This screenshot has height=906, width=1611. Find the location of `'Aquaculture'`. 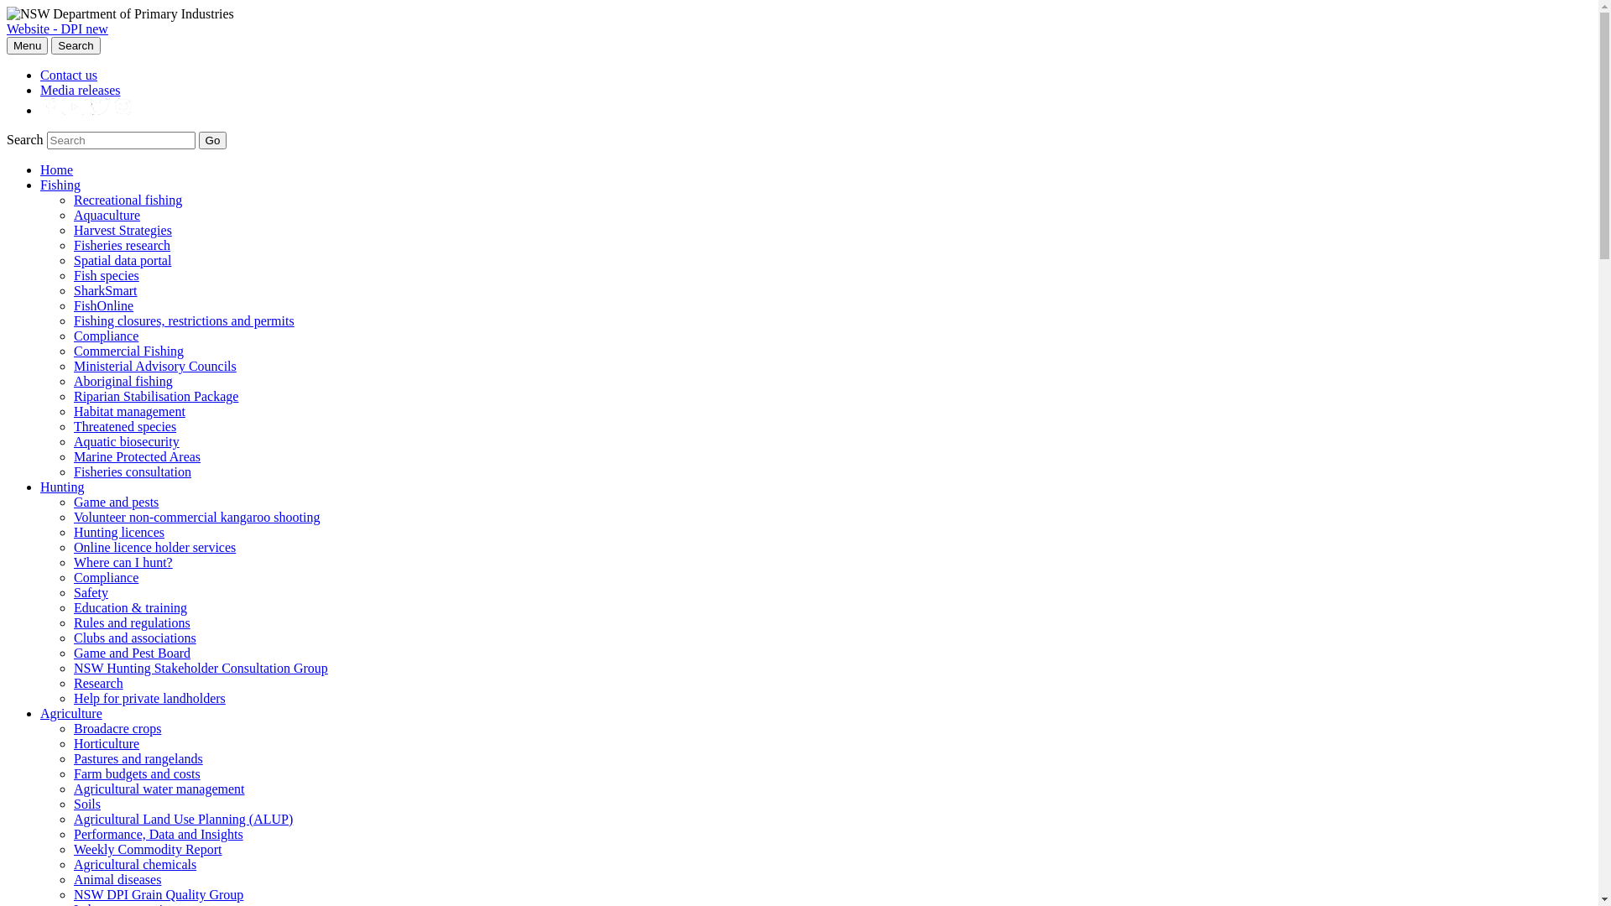

'Aquaculture' is located at coordinates (106, 214).